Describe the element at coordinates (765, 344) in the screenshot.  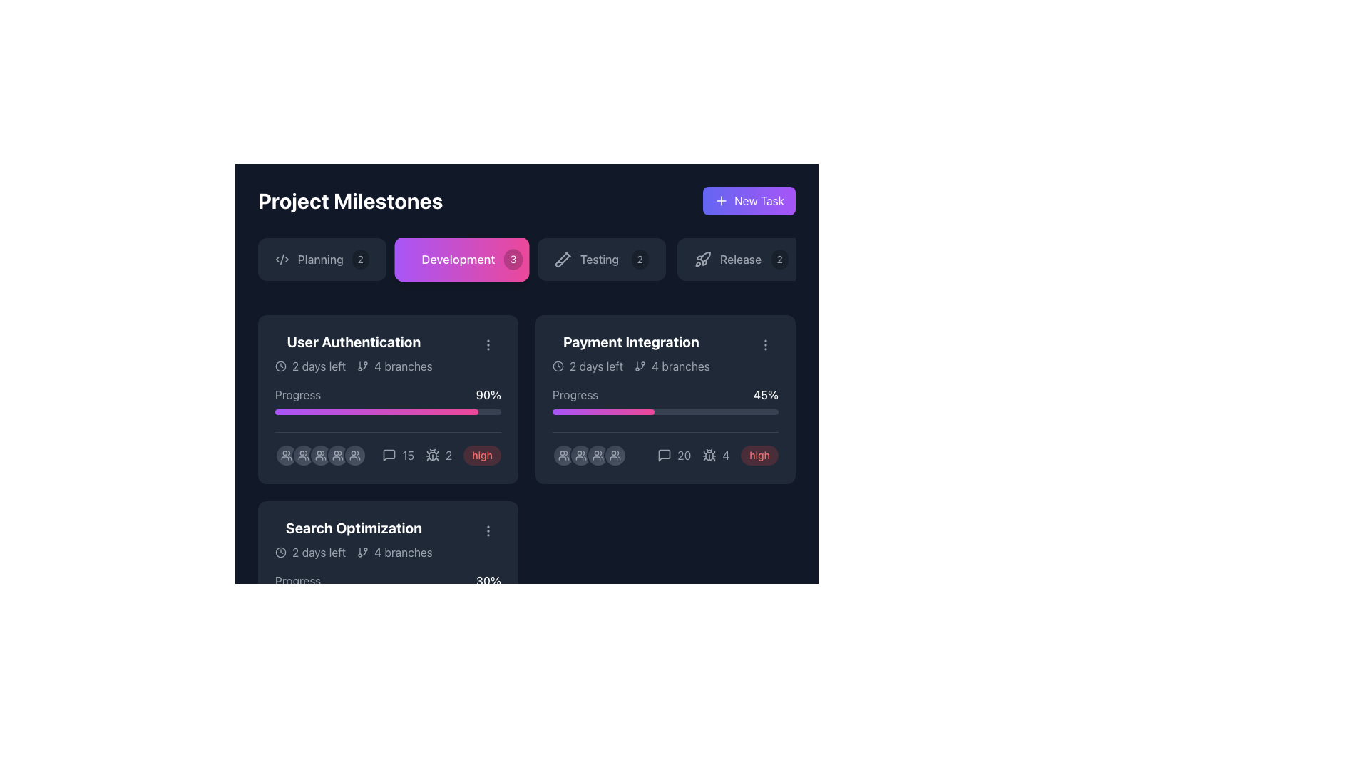
I see `the vertical ellipsis icon located in the top-right corner of the 'Payment Integration' card` at that location.